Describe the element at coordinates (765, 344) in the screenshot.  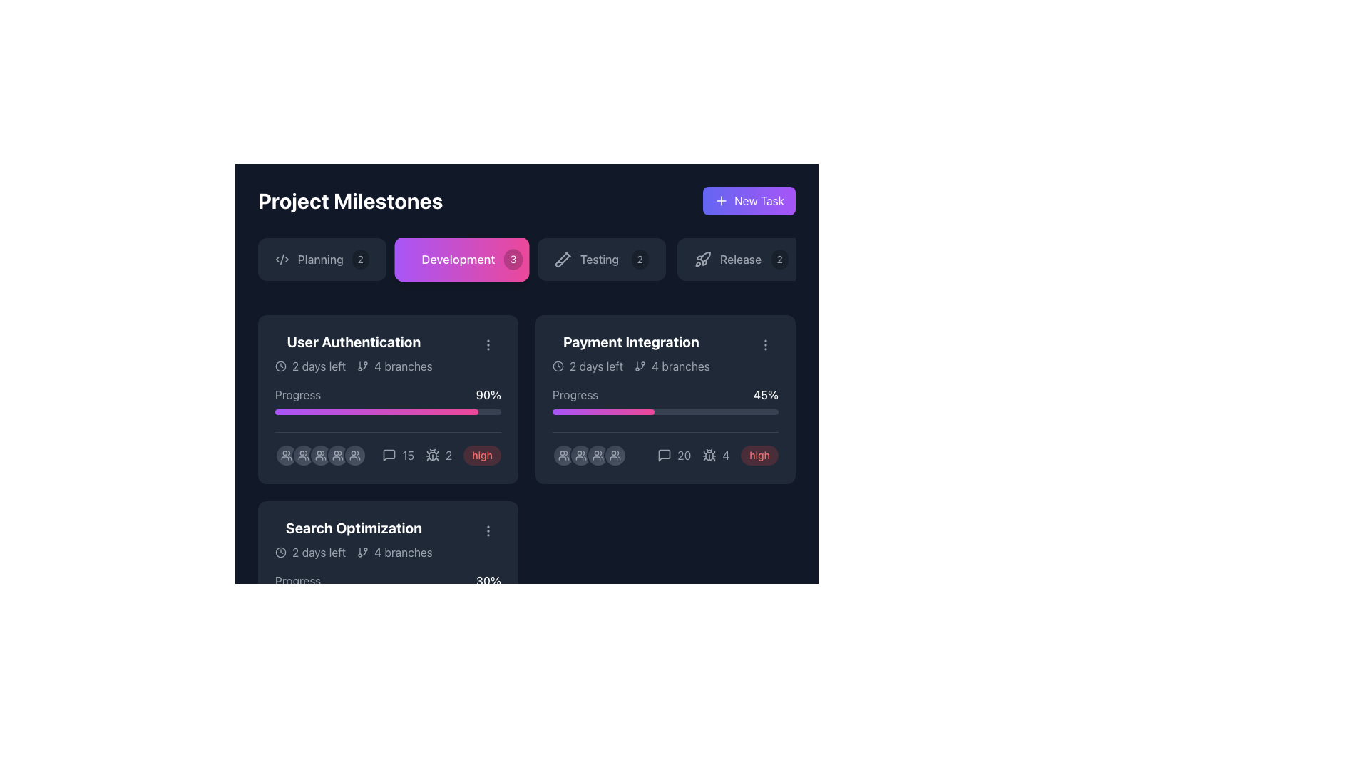
I see `the vertical ellipsis icon located in the top-right corner of the 'Payment Integration' card` at that location.